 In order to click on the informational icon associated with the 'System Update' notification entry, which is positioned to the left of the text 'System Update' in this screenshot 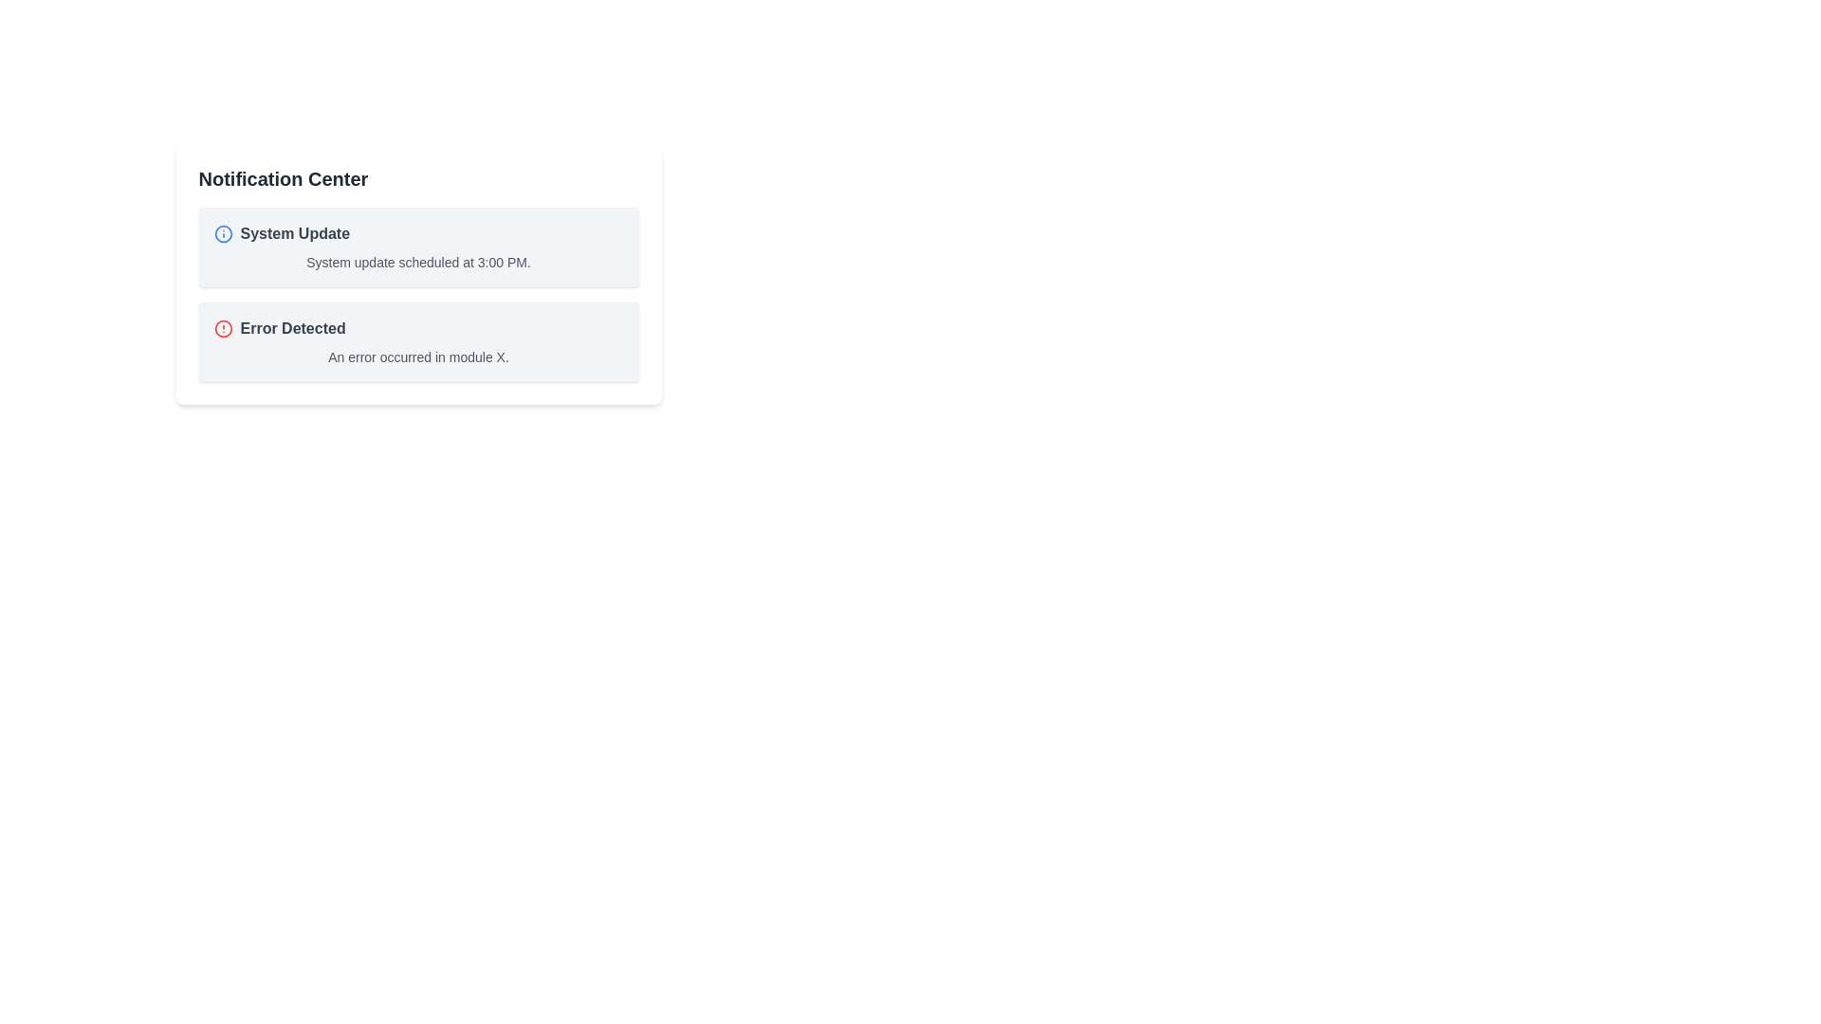, I will do `click(223, 232)`.